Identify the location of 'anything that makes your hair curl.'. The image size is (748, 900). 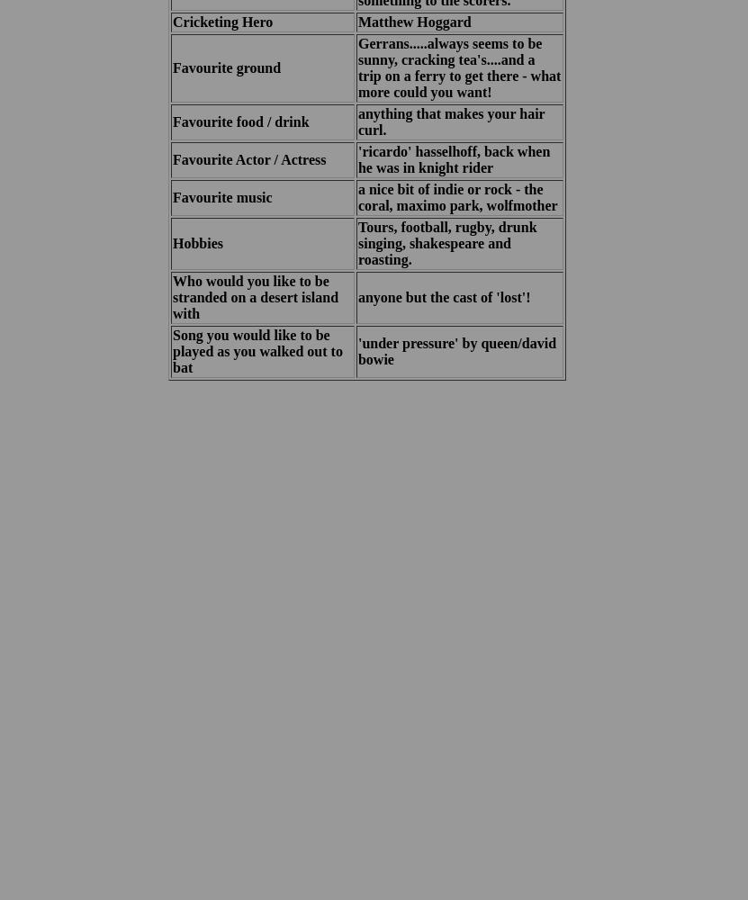
(451, 121).